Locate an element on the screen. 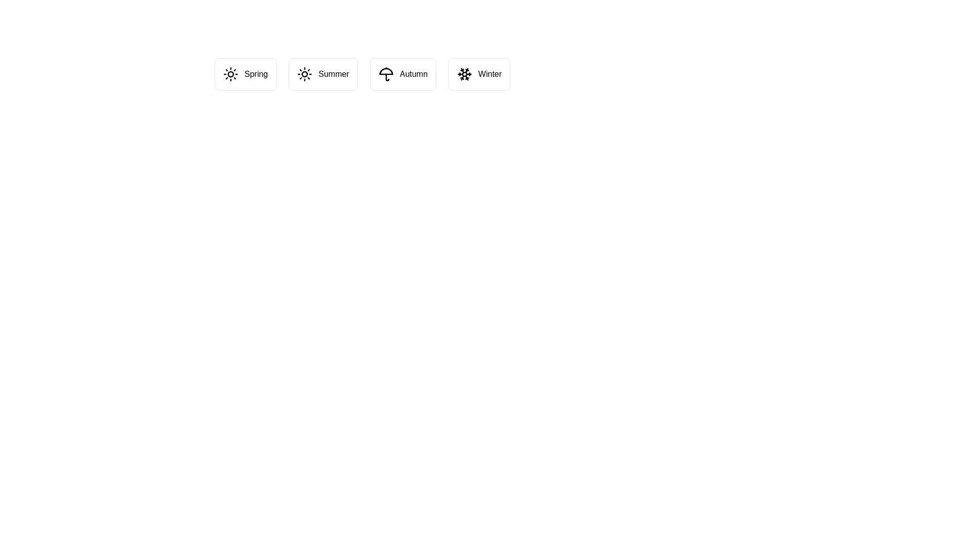 The image size is (972, 546). the sun icon located on the left side of the 'Spring' card, which features a circle and radial lines in black is located at coordinates (230, 73).